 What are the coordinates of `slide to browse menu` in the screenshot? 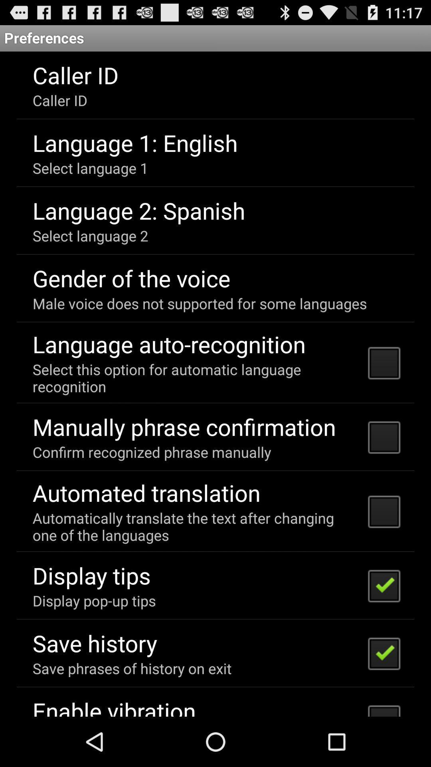 It's located at (215, 384).